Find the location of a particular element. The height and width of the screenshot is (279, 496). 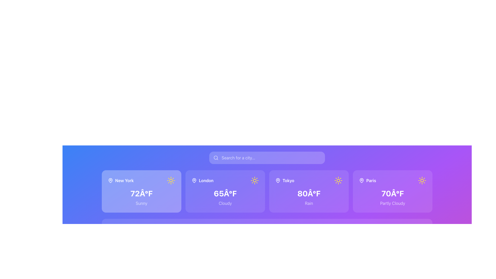

the geographical location icon representing the city of Tokyo, which is positioned at the leftmost area of the card before the city name text. This icon is the third from the left in a sequence of similar icons across neighboring cards is located at coordinates (277, 180).